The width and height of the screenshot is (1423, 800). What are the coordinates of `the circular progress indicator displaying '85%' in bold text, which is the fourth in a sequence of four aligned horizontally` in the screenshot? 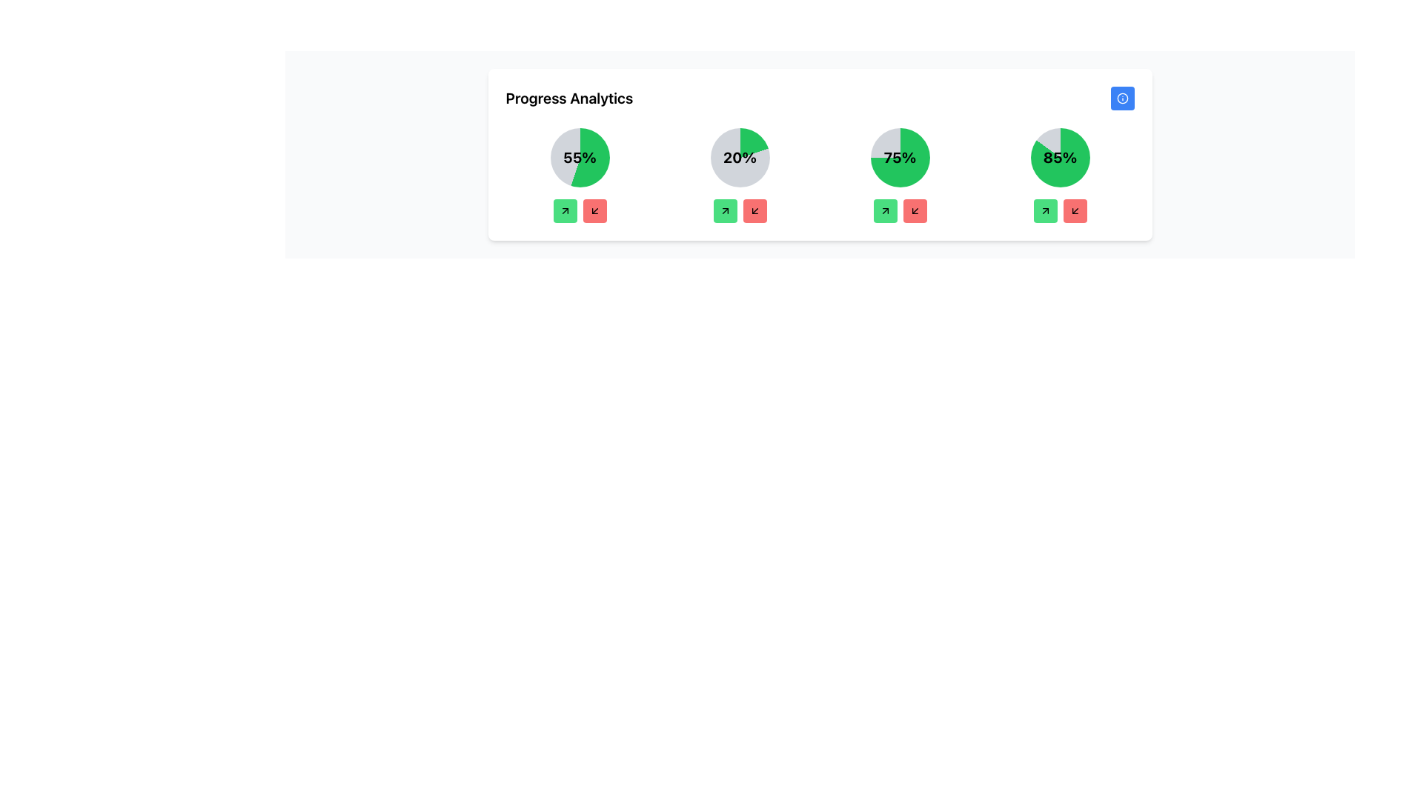 It's located at (1059, 157).